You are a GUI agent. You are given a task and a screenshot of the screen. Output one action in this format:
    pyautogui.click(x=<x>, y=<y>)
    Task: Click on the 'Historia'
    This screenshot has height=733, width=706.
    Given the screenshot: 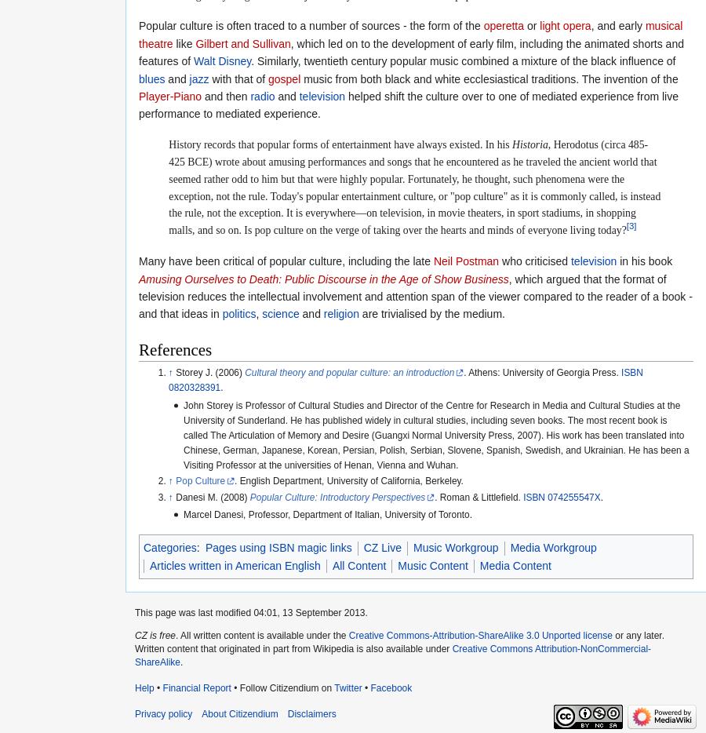 What is the action you would take?
    pyautogui.click(x=529, y=144)
    